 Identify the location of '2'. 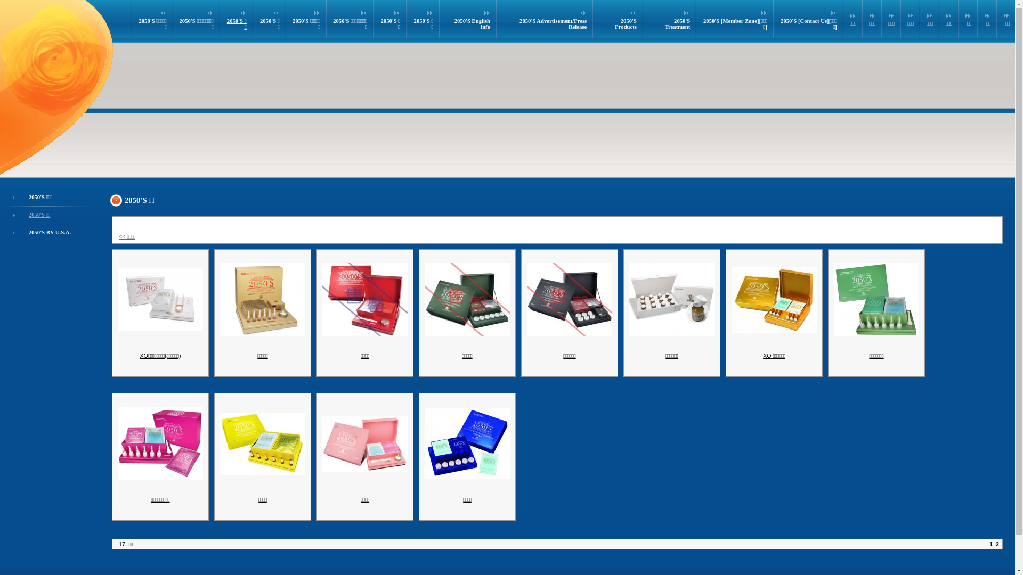
(997, 544).